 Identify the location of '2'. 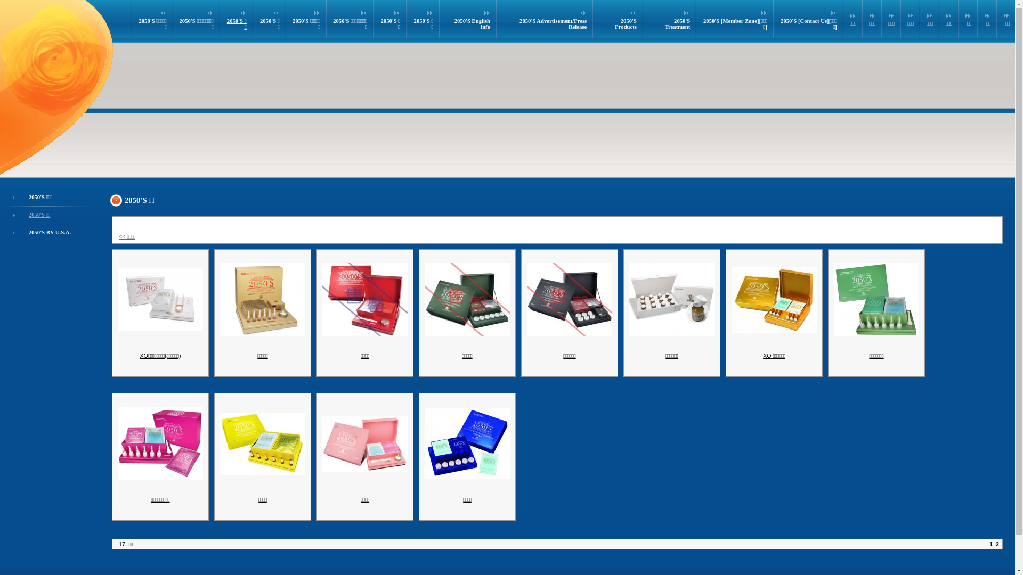
(997, 544).